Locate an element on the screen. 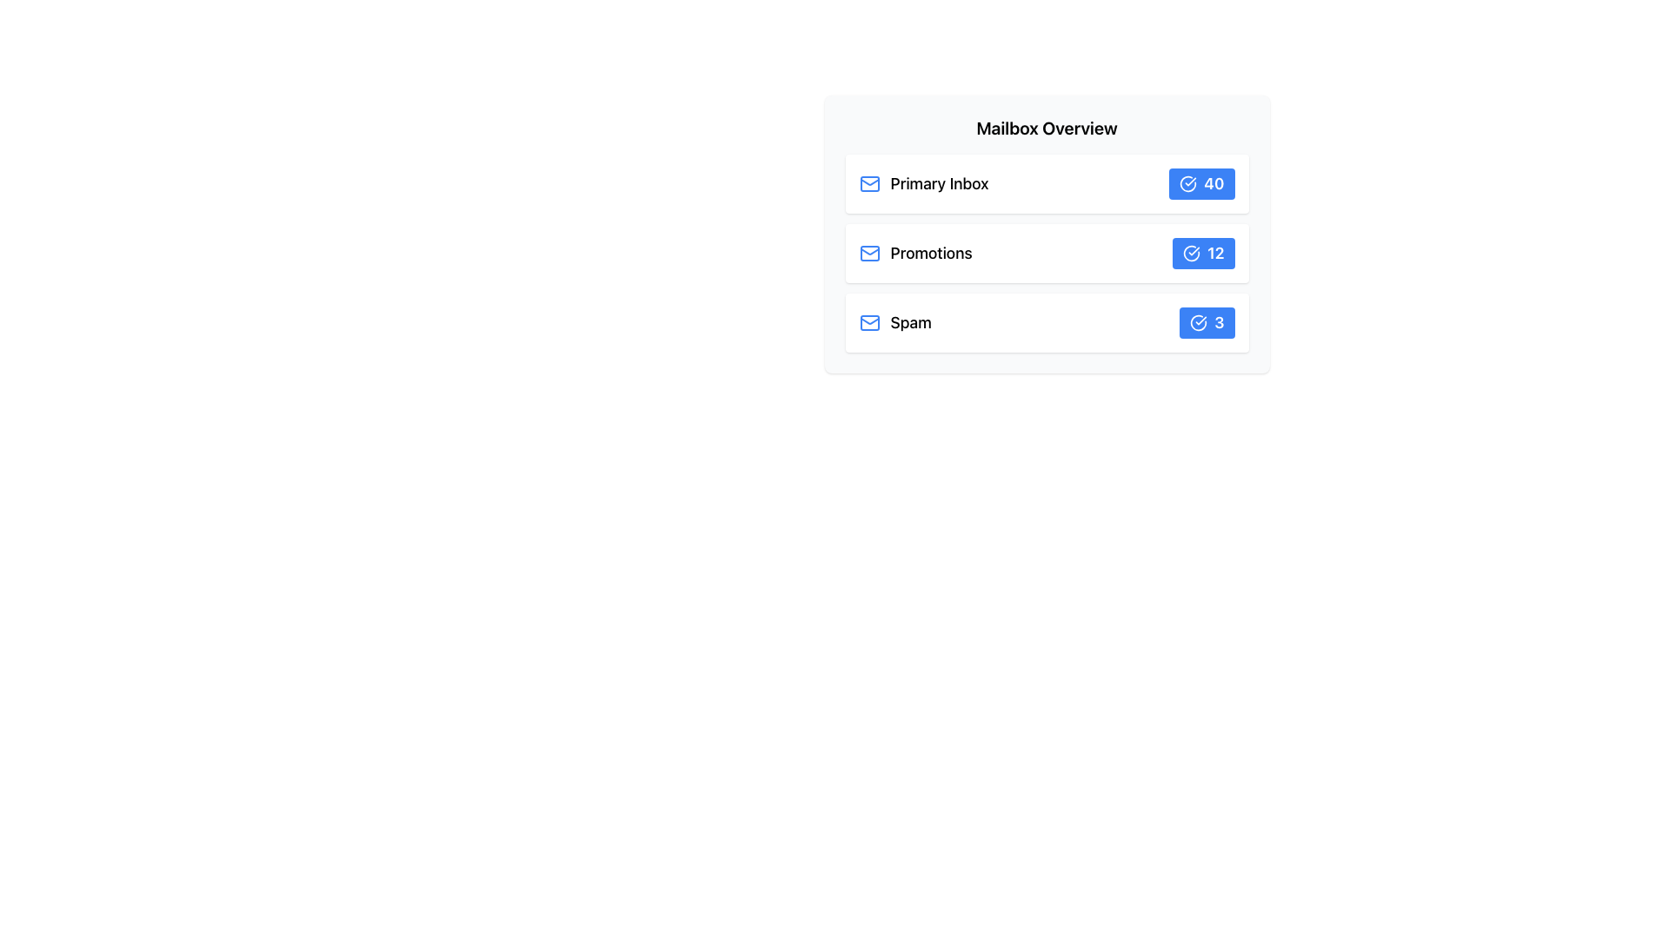  the 'Spam' section icon in the mailbox overview layout, which is positioned to the left of the 'Spam' label and aligned with the numeric indicator '3' is located at coordinates (869, 322).